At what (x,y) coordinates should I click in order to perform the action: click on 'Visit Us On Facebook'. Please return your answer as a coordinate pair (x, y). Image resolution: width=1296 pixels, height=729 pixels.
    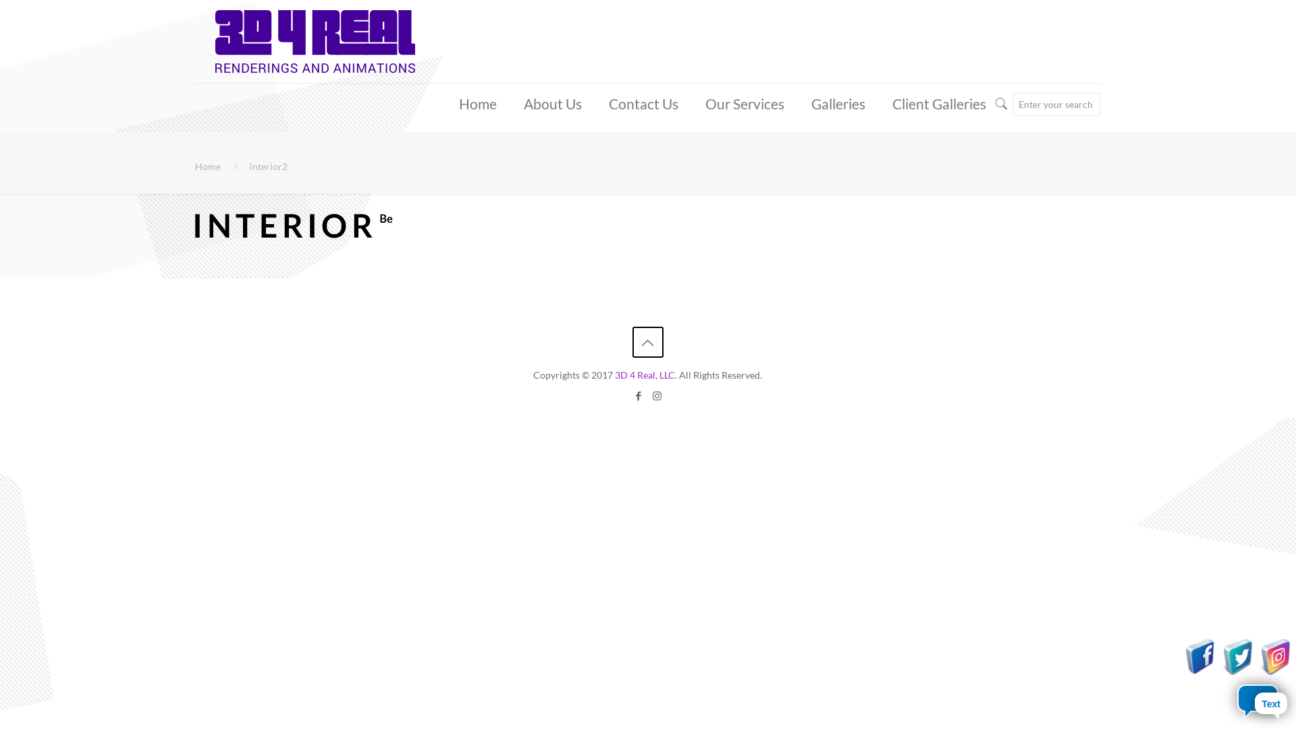
    Looking at the image, I should click on (1199, 671).